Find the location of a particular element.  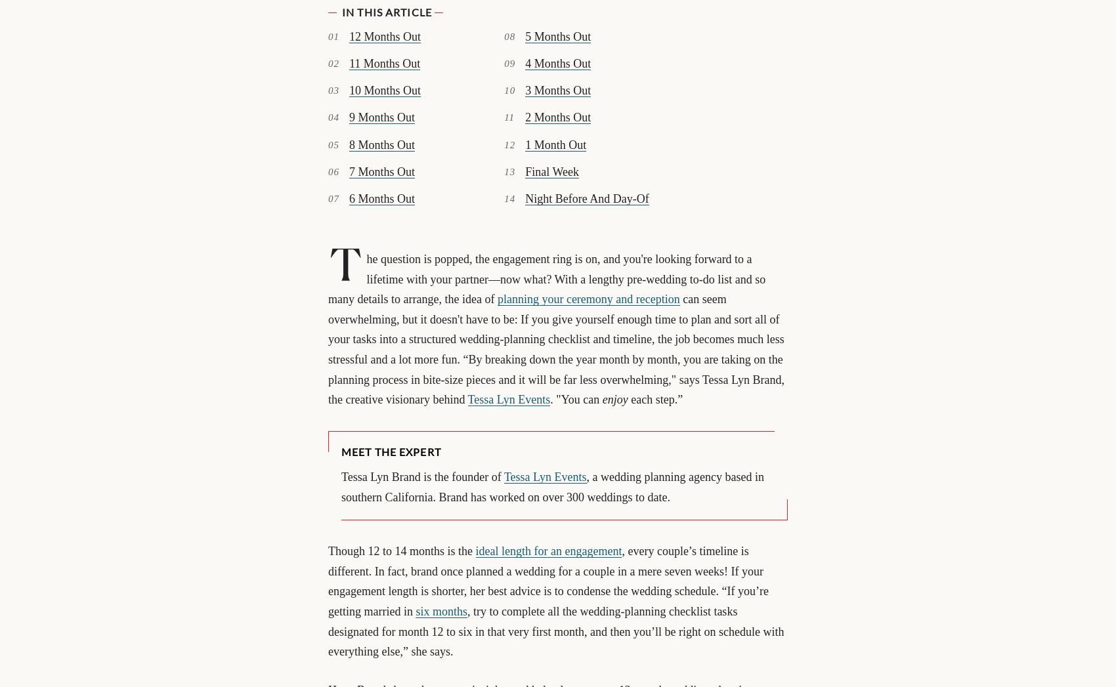

'10 Months Out' is located at coordinates (384, 89).